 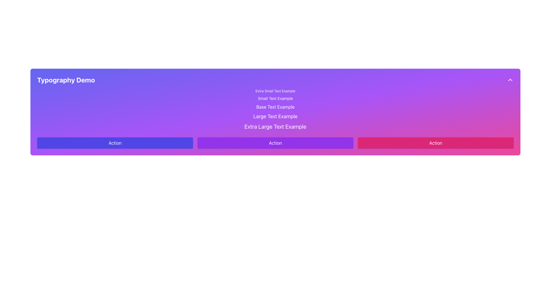 What do you see at coordinates (275, 98) in the screenshot?
I see `the Text Label displaying 'Small Text Example'` at bounding box center [275, 98].